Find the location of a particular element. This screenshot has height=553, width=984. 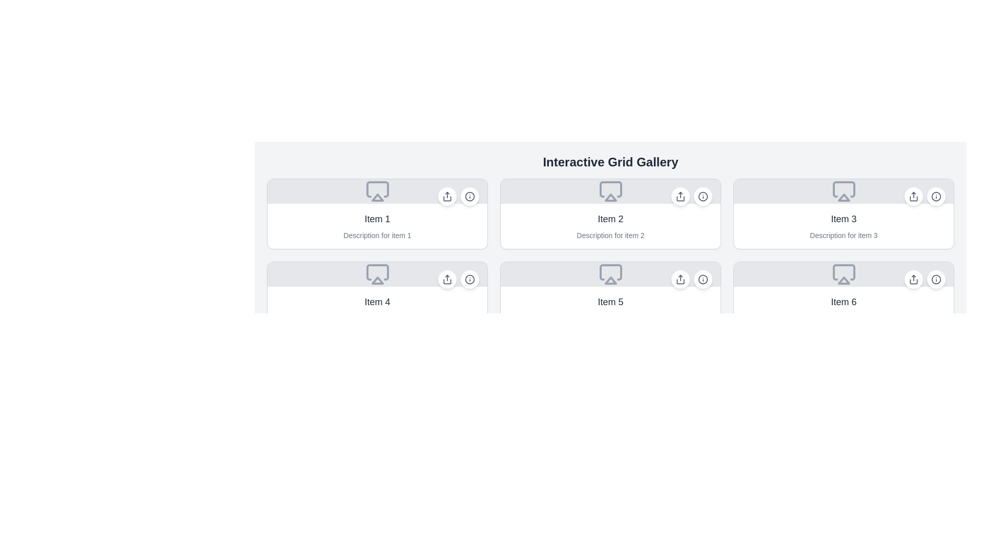

the circular share button with a white background and upward-pointing arrow icon located in the upper-right corner of the 'Item 1' card is located at coordinates (447, 197).